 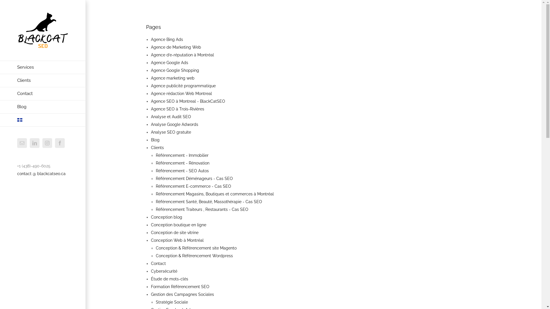 What do you see at coordinates (42, 67) in the screenshot?
I see `'Services'` at bounding box center [42, 67].